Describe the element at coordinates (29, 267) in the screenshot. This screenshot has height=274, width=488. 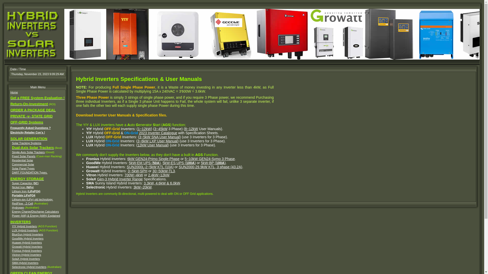
I see `'Selectronic Hybrid Inverters'` at that location.